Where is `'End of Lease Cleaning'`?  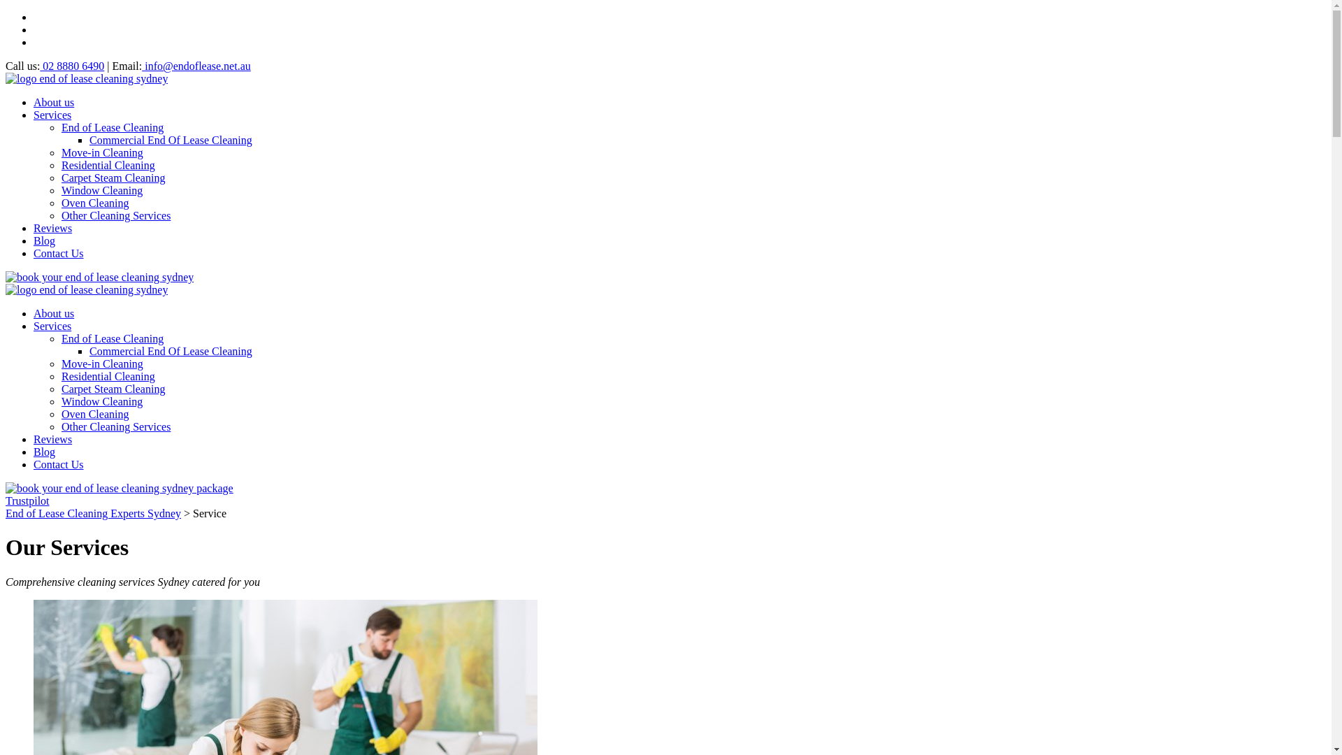
'End of Lease Cleaning' is located at coordinates (113, 127).